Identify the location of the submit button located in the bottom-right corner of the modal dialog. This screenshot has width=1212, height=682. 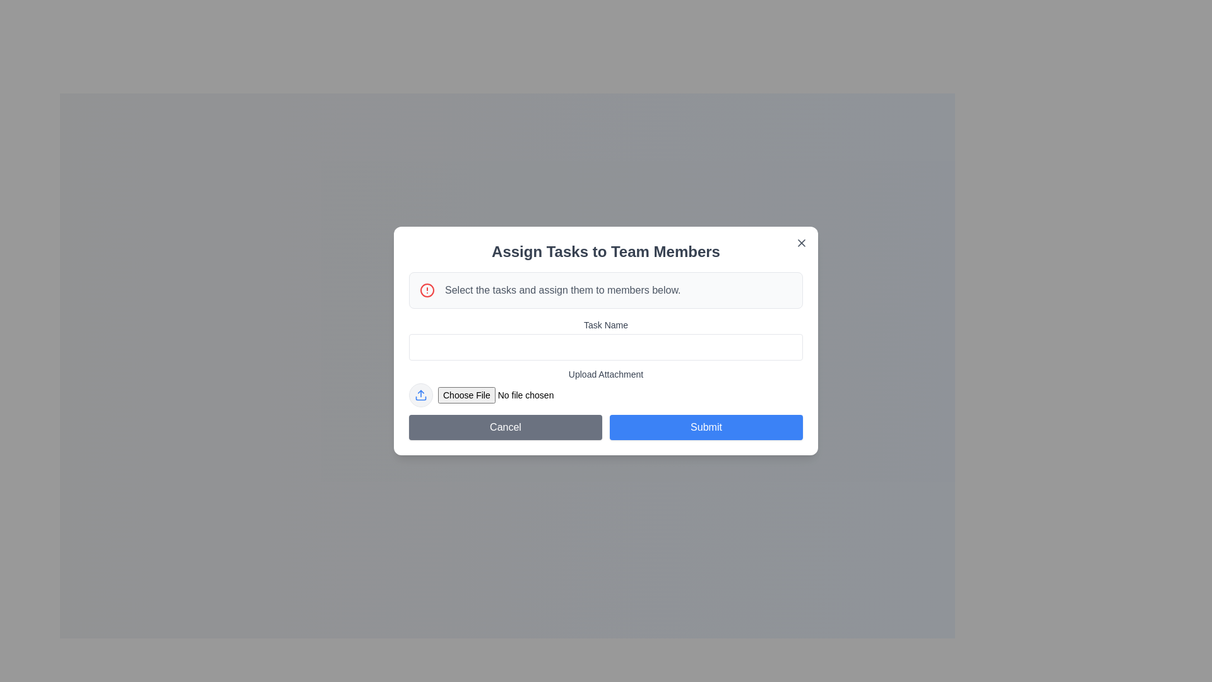
(705, 427).